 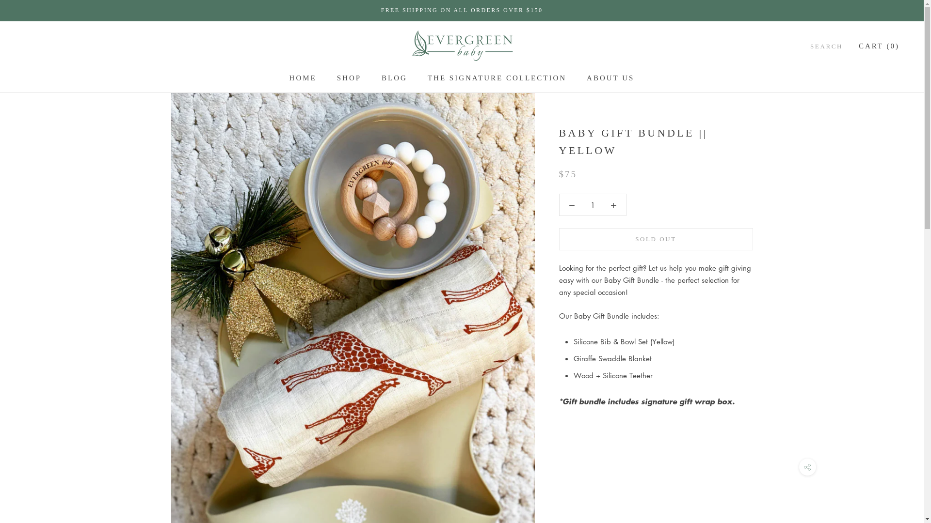 I want to click on 'SEARCH', so click(x=826, y=46).